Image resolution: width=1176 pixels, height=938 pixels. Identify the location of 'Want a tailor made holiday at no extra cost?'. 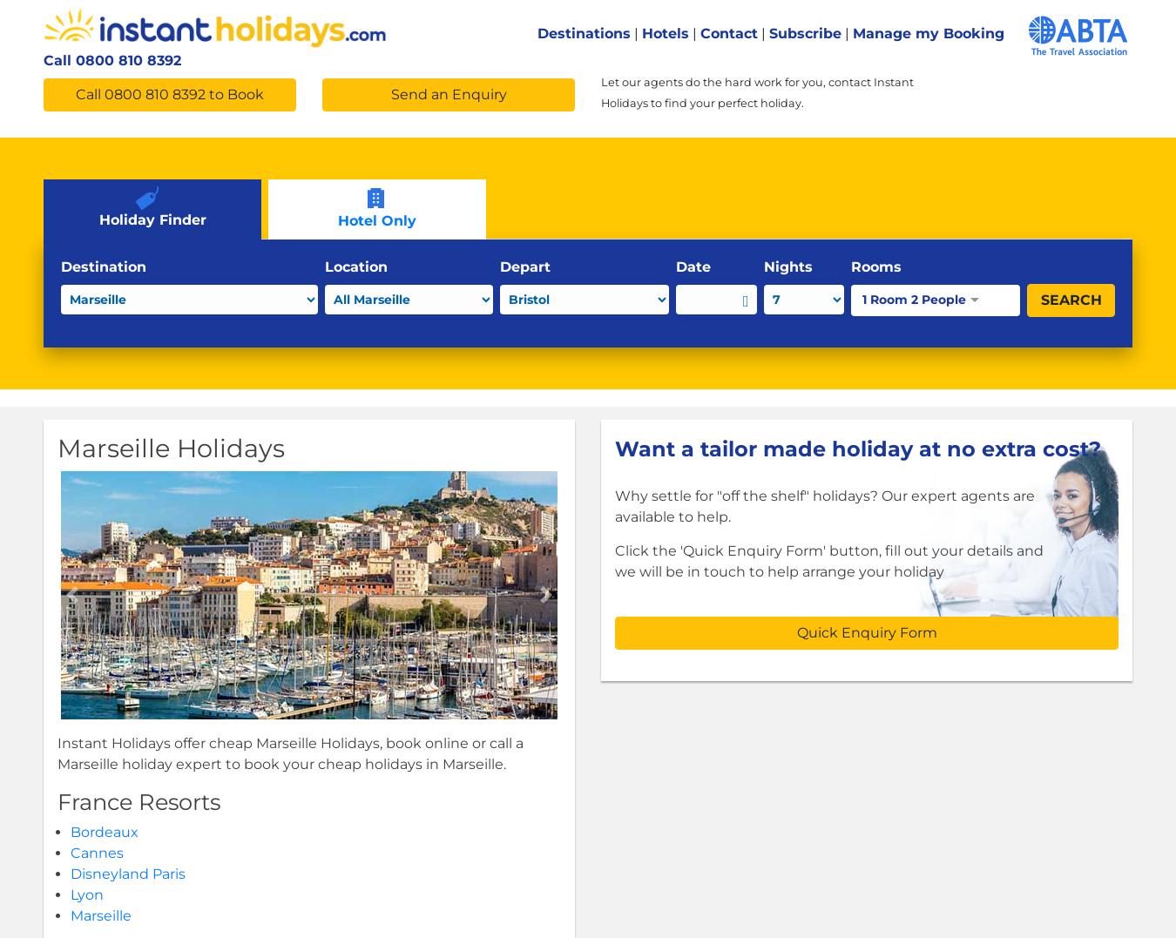
(856, 447).